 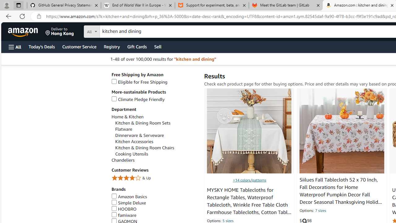 What do you see at coordinates (144, 148) in the screenshot?
I see `'Kitchen & Dining Room Chairs'` at bounding box center [144, 148].